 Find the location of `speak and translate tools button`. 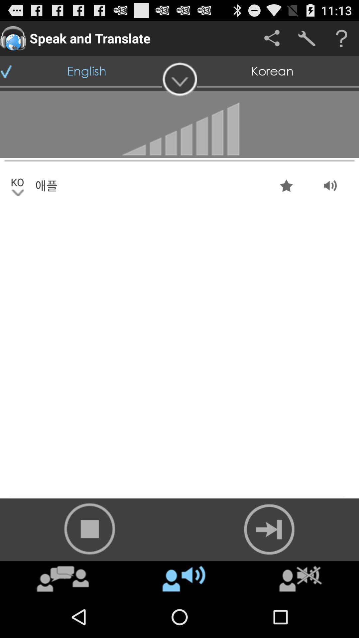

speak and translate tools button is located at coordinates (306, 38).